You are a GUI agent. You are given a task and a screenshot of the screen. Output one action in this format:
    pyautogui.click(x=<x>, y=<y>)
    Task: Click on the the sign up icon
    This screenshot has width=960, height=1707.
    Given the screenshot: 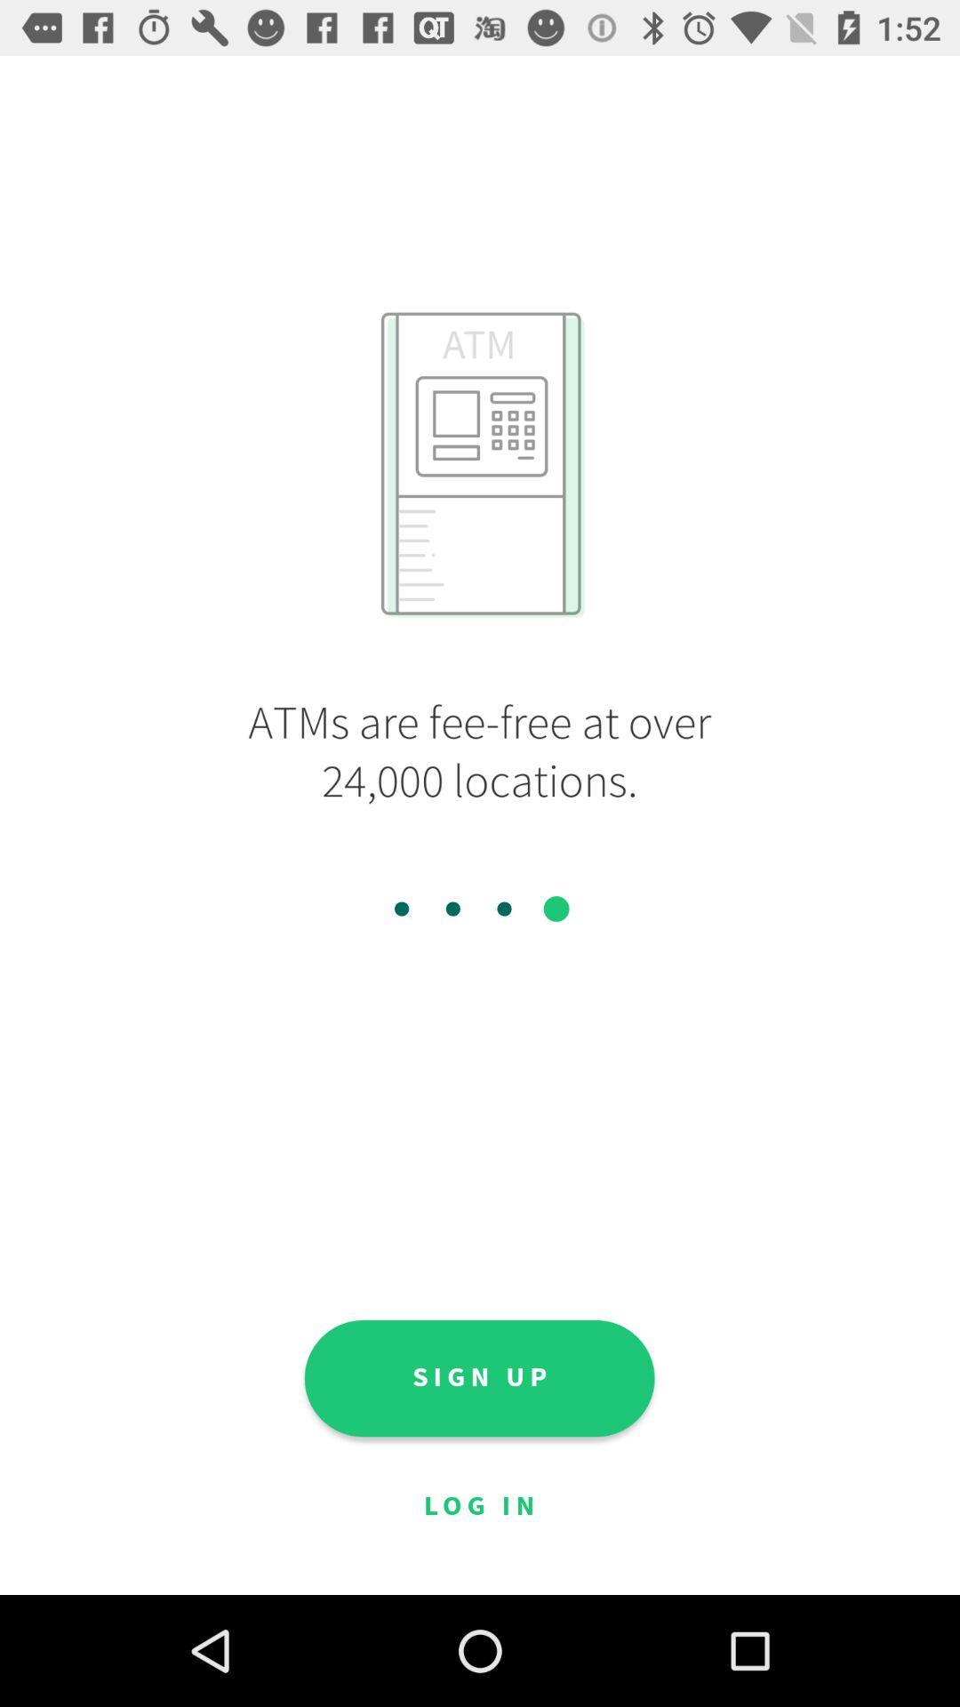 What is the action you would take?
    pyautogui.click(x=478, y=1377)
    